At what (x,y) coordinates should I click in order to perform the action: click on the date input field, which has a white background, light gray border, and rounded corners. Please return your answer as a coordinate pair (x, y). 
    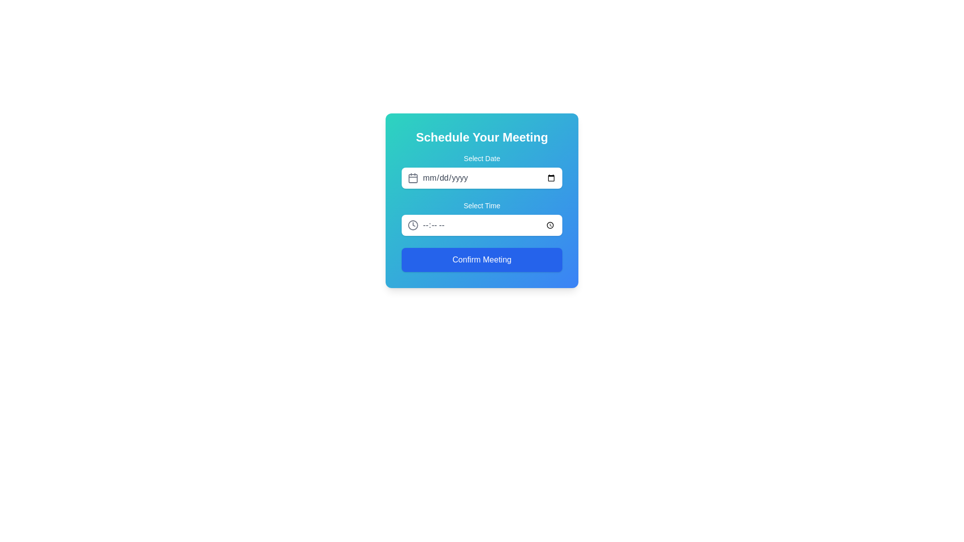
    Looking at the image, I should click on (489, 177).